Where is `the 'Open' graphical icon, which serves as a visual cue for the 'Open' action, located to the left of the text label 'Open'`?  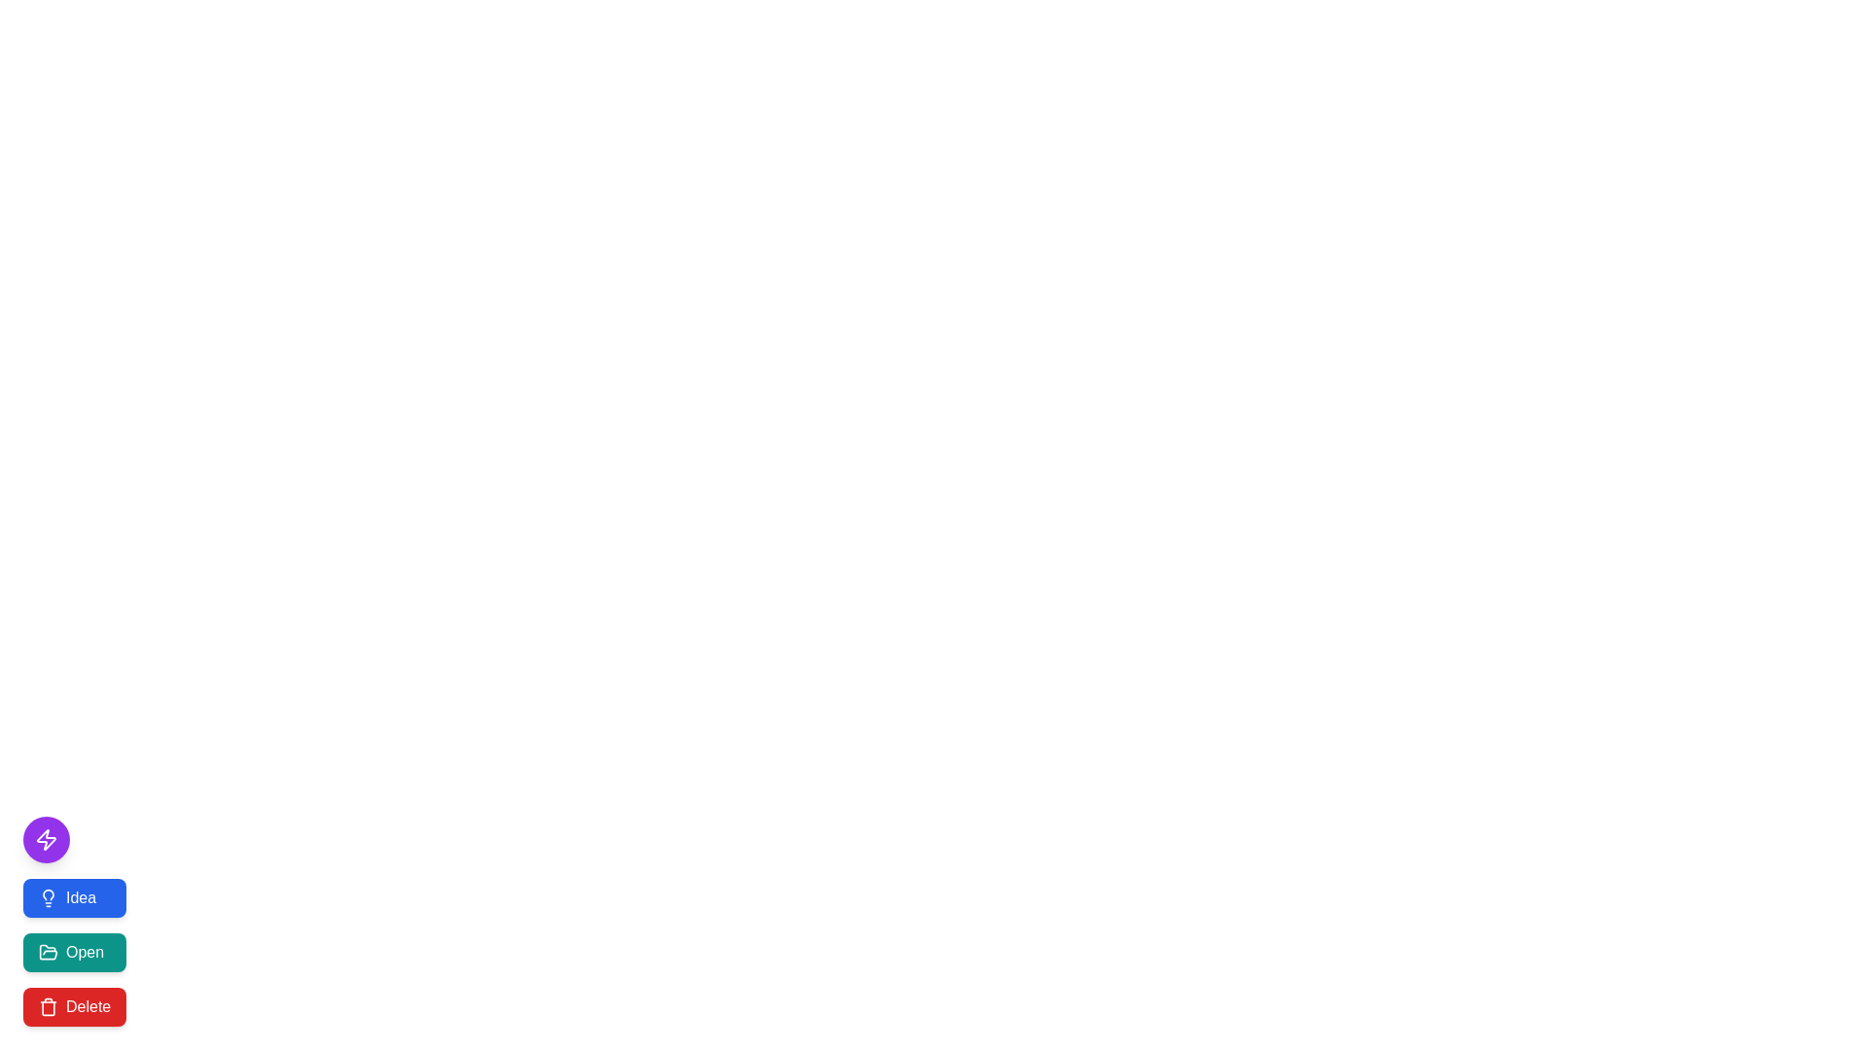 the 'Open' graphical icon, which serves as a visual cue for the 'Open' action, located to the left of the text label 'Open' is located at coordinates (48, 951).